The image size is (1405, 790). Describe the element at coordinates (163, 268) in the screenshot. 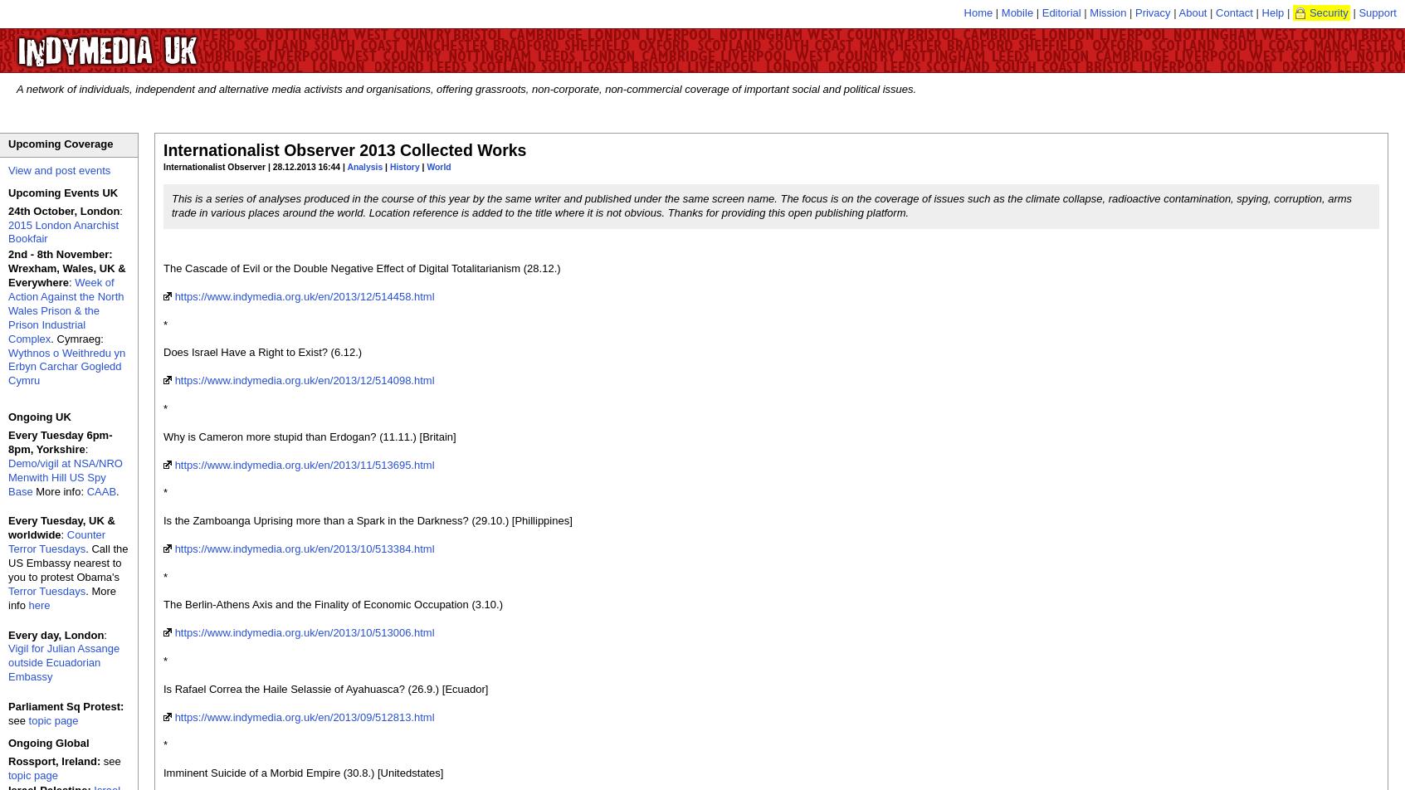

I see `'The Cascade of Evil or the Double Negative Effect of Digital Totalitarianism (28.12.)'` at that location.